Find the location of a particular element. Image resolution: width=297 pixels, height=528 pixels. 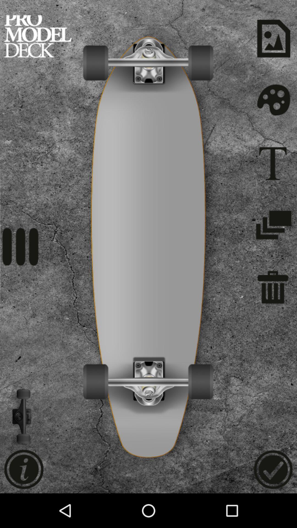

the info icon is located at coordinates (24, 502).